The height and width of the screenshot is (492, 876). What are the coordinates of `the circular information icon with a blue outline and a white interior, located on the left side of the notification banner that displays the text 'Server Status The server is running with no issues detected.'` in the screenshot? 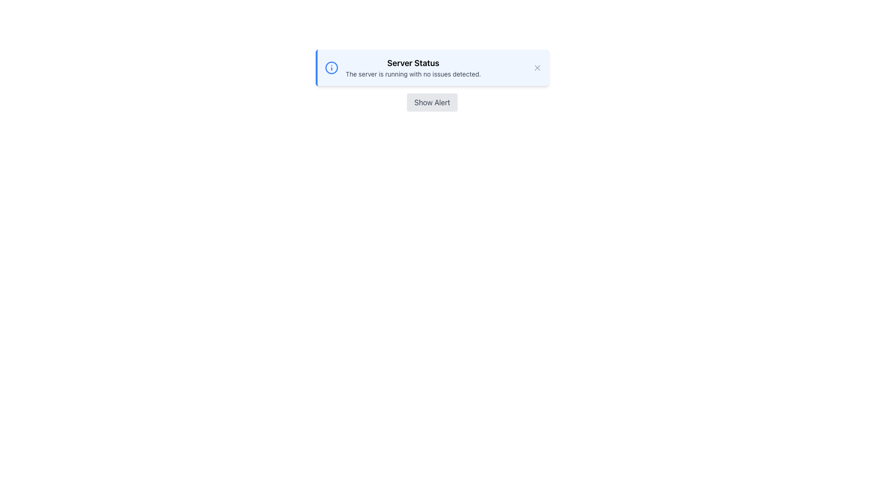 It's located at (331, 67).